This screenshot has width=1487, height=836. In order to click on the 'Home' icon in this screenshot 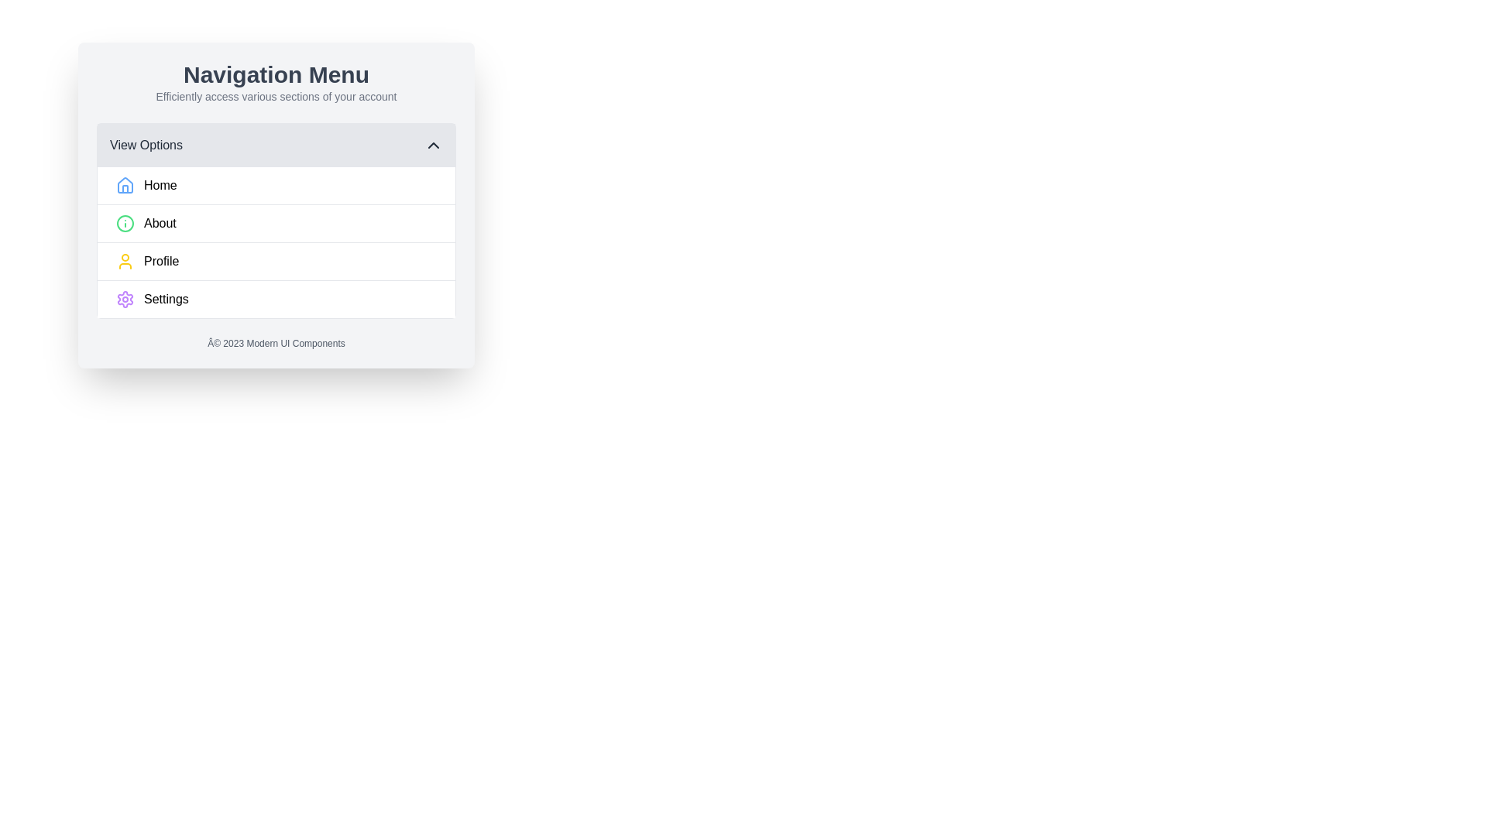, I will do `click(125, 184)`.